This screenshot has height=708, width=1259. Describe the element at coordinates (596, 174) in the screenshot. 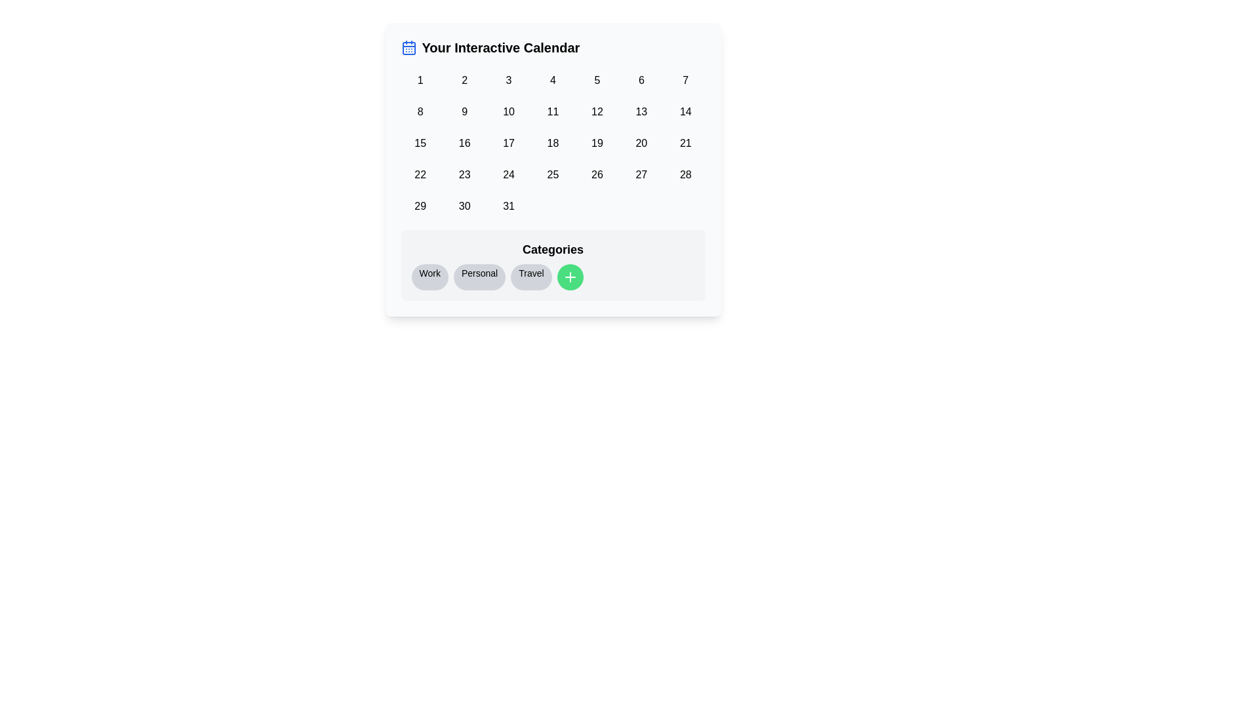

I see `the calendar date button representing '26'` at that location.